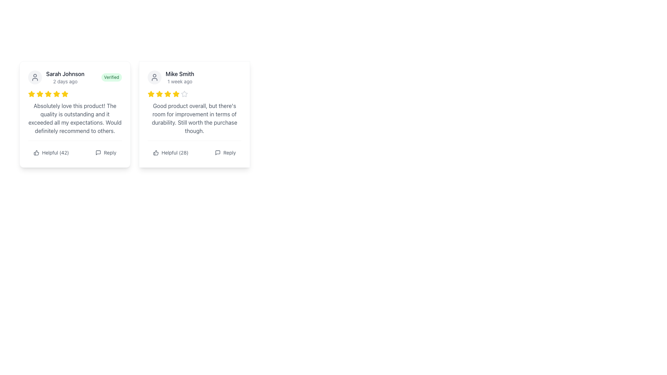 Image resolution: width=667 pixels, height=375 pixels. I want to click on the fifth yellow star icon in the group of review icons below Sarah Johnson's name, so click(57, 94).